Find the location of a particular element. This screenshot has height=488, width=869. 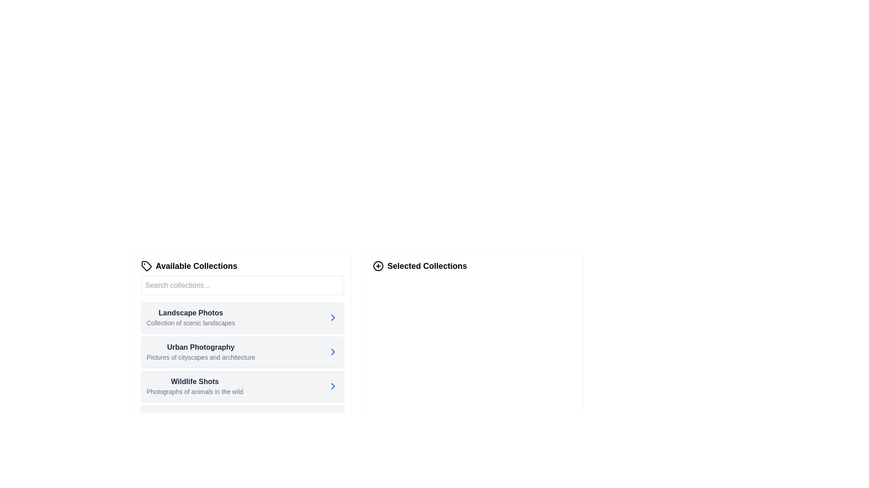

descriptive text label located directly underneath the 'Urban Photography' heading in the 'Available Collections' section of the left pane is located at coordinates (200, 357).